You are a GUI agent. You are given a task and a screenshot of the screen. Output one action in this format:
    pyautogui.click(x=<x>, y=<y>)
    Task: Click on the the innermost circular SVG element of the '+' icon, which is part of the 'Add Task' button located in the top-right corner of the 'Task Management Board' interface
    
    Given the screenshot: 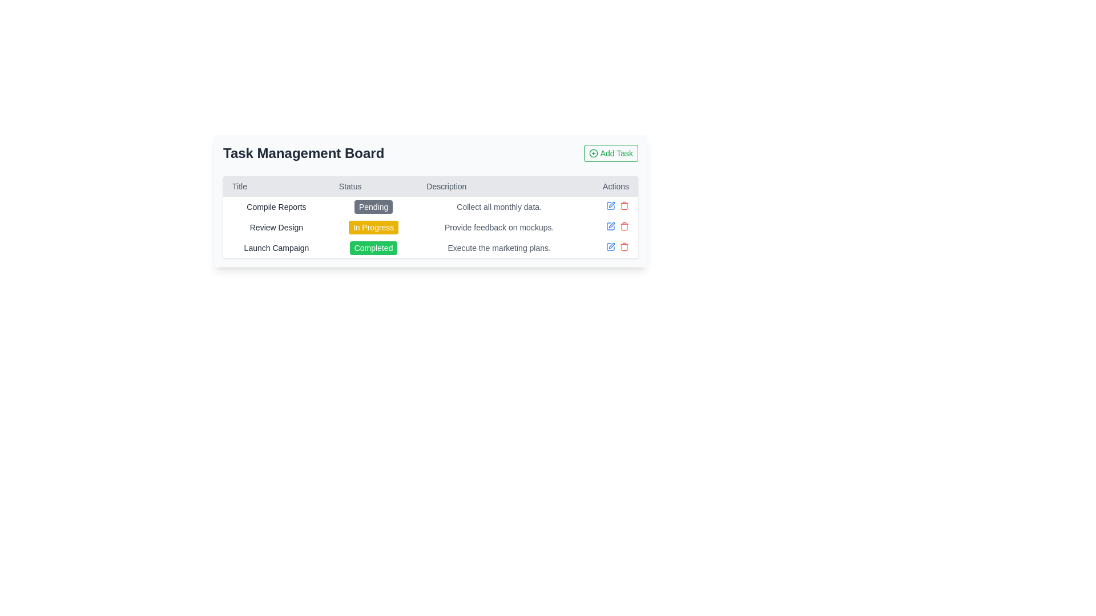 What is the action you would take?
    pyautogui.click(x=593, y=153)
    